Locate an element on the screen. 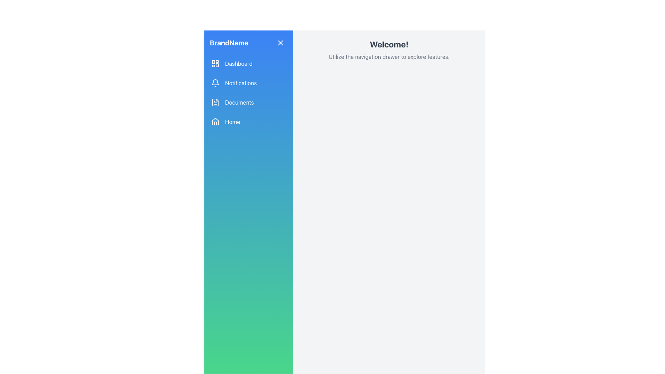 The image size is (665, 374). the close icon located in the upper-right area of the vertical navigation bar, next to 'BrandName' is located at coordinates (281, 43).